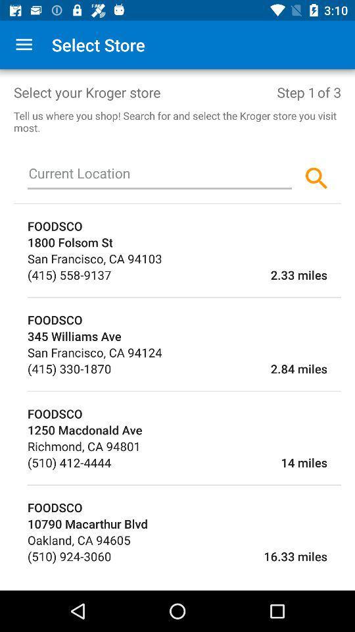 The height and width of the screenshot is (632, 355). Describe the element at coordinates (183, 429) in the screenshot. I see `item above the richmond, ca 94801` at that location.